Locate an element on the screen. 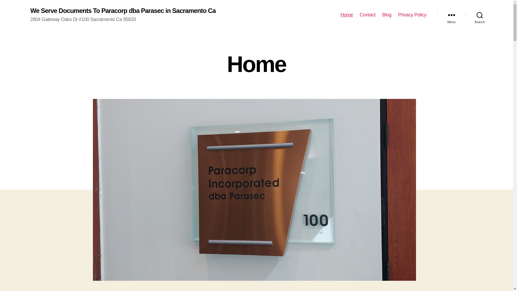 Image resolution: width=517 pixels, height=291 pixels. 'Home' is located at coordinates (347, 15).